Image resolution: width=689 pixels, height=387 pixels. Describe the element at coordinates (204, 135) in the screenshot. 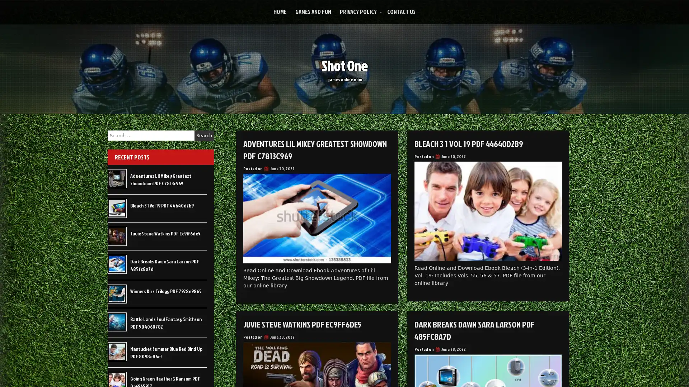

I see `Search` at that location.